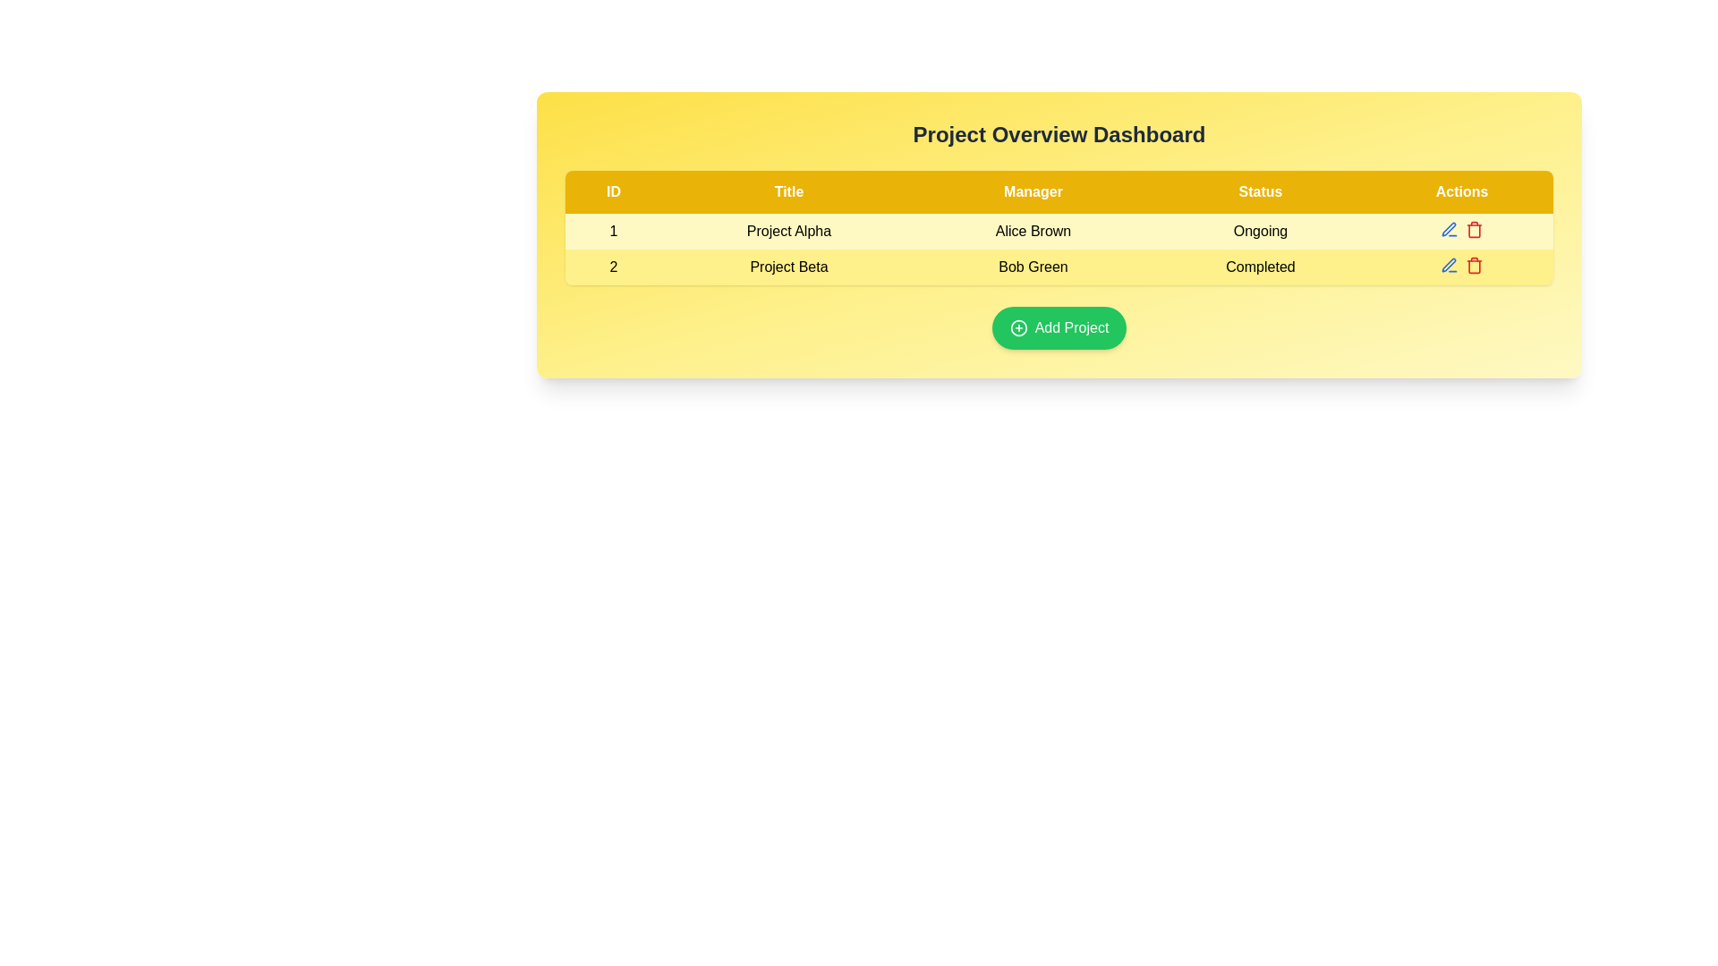 The height and width of the screenshot is (966, 1718). I want to click on numeral displayed in the text-based table cell located in the first column of the second row of the table within the yellow box labeled 'Project Overview Dashboard', so click(614, 267).